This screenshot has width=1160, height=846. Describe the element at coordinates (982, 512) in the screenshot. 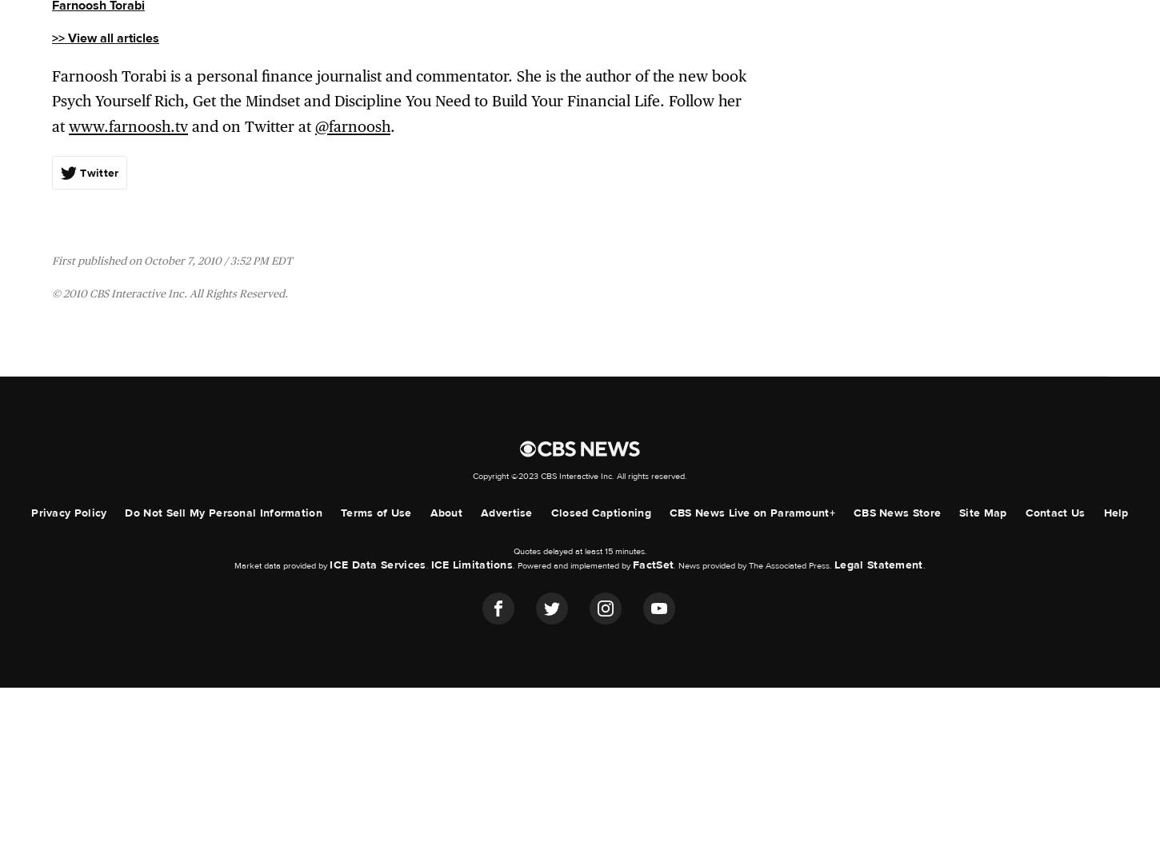

I see `'Site Map'` at that location.